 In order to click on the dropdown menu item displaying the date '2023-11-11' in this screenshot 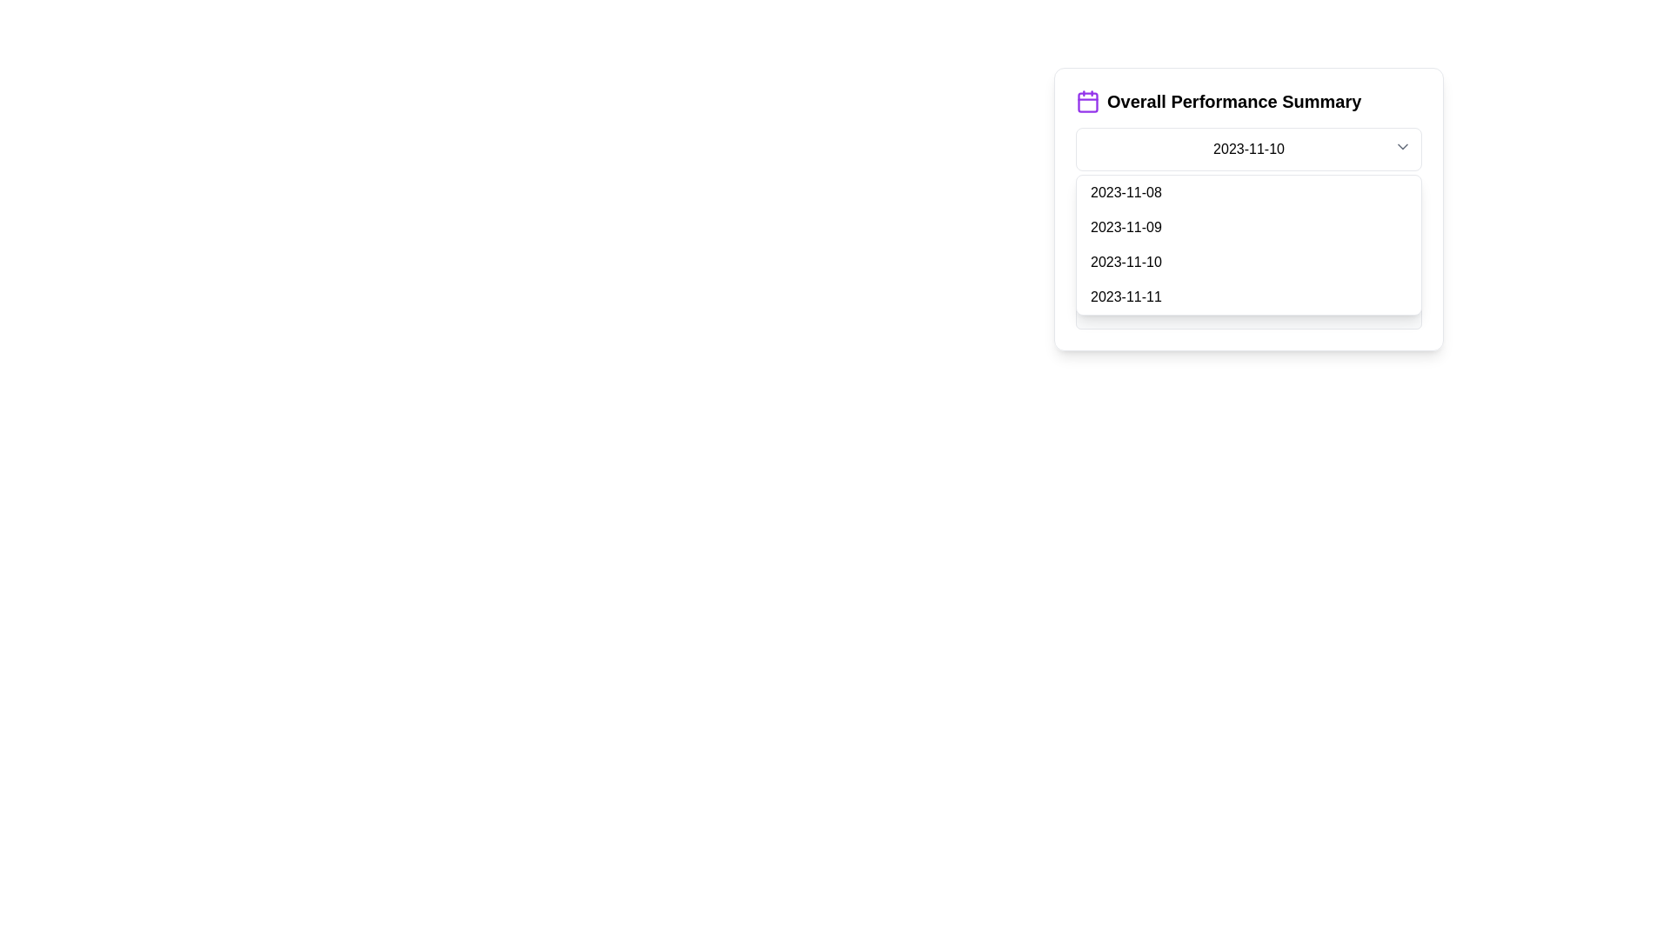, I will do `click(1247, 296)`.